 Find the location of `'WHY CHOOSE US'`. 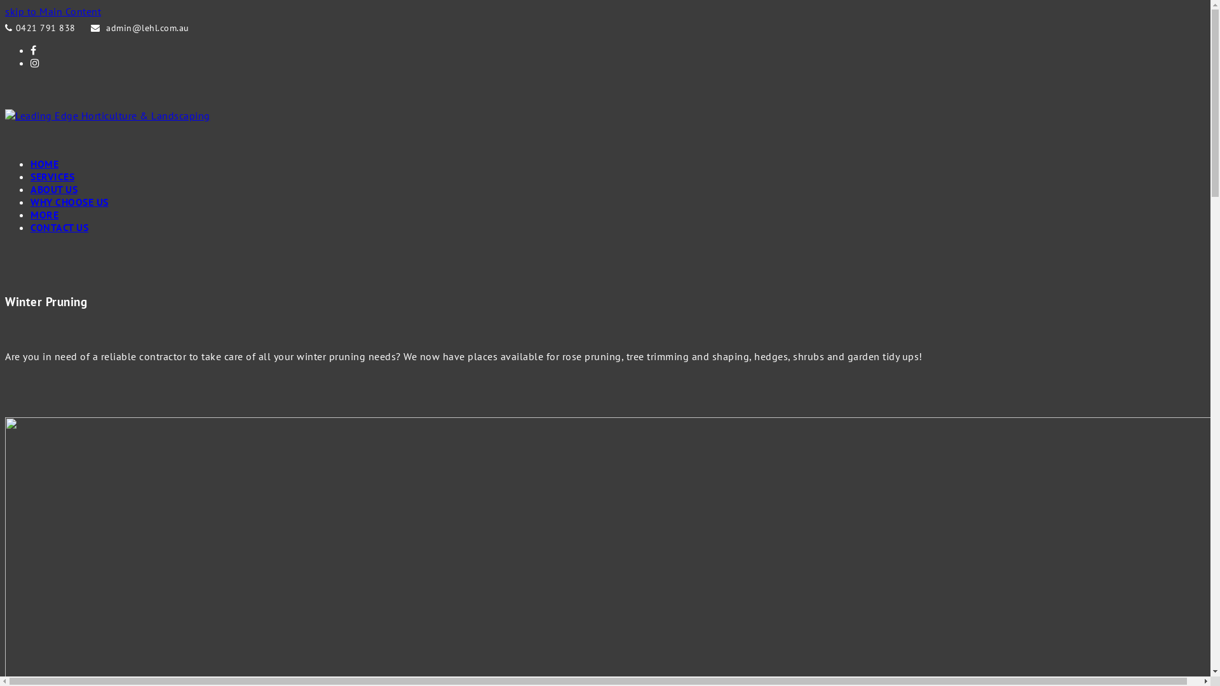

'WHY CHOOSE US' is located at coordinates (69, 201).